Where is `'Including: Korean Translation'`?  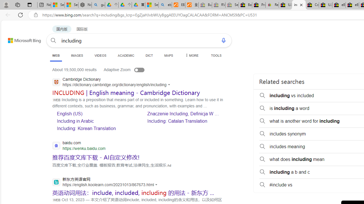 'Including: Korean Translation' is located at coordinates (86, 128).